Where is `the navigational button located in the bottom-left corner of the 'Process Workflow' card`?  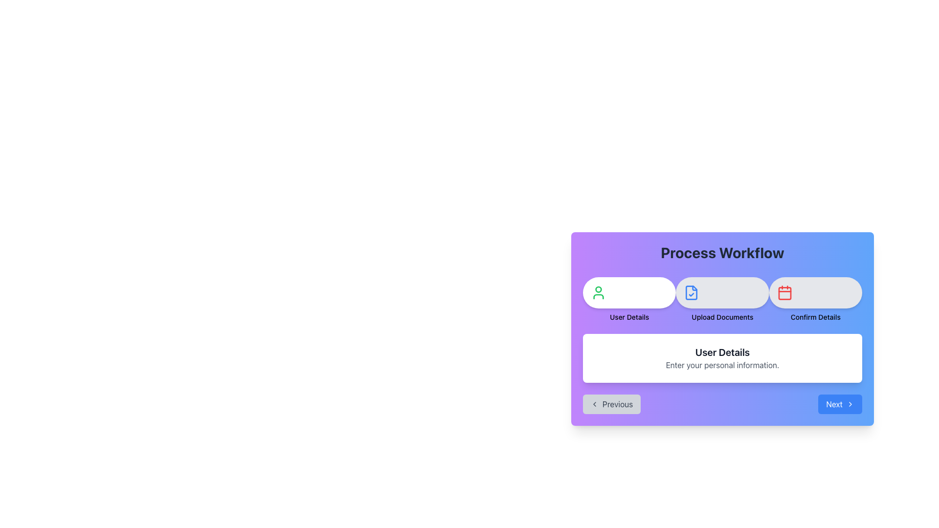
the navigational button located in the bottom-left corner of the 'Process Workflow' card is located at coordinates (611, 404).